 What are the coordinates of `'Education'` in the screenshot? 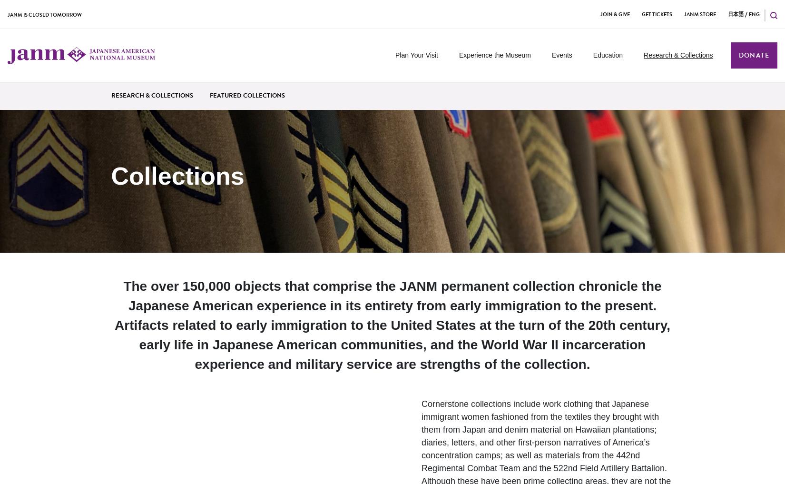 It's located at (607, 55).